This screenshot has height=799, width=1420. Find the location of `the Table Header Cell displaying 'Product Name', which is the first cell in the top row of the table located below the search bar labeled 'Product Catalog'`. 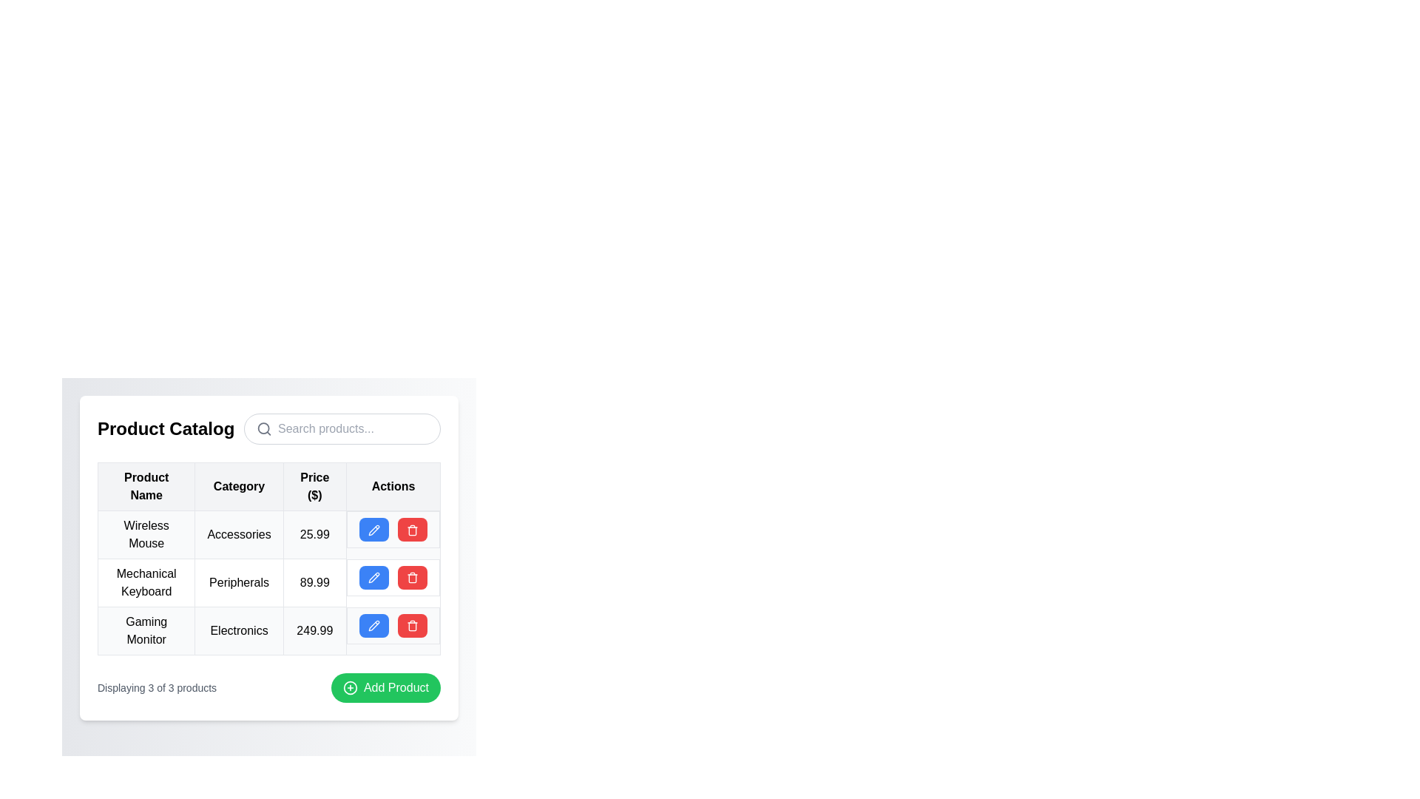

the Table Header Cell displaying 'Product Name', which is the first cell in the top row of the table located below the search bar labeled 'Product Catalog' is located at coordinates (146, 487).